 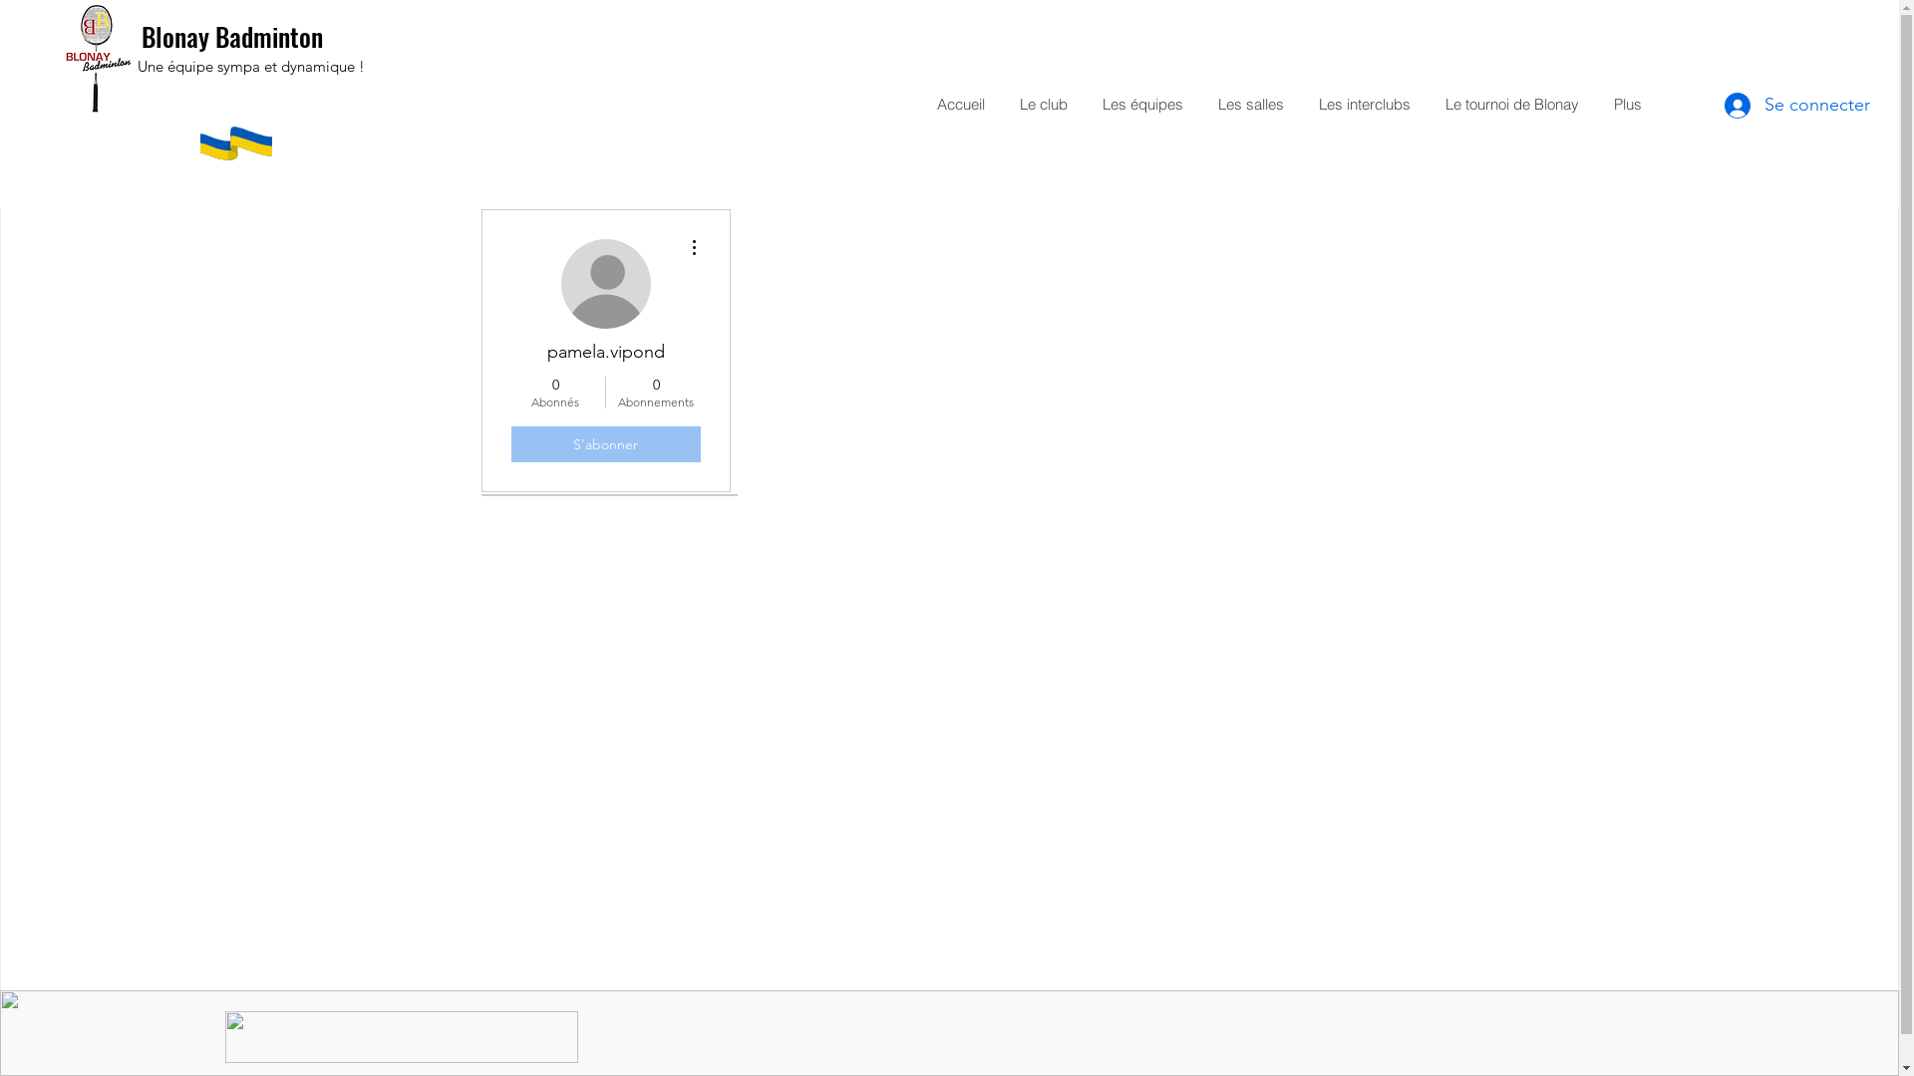 What do you see at coordinates (232, 36) in the screenshot?
I see `'Blonay Badminton'` at bounding box center [232, 36].